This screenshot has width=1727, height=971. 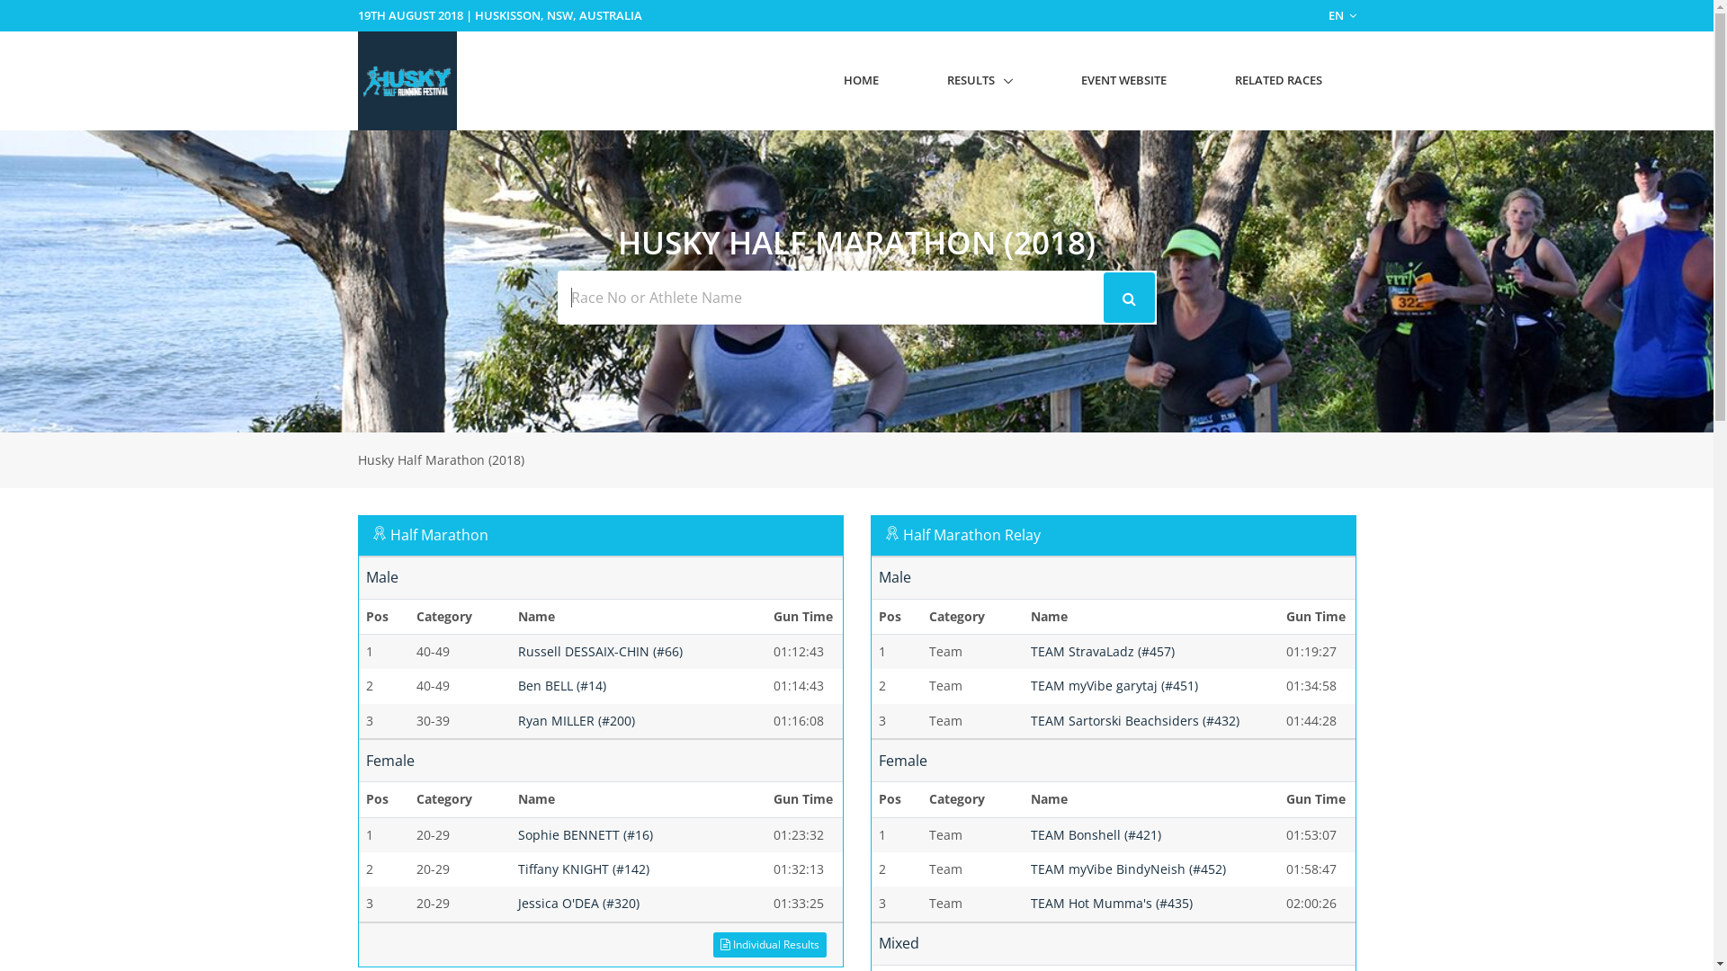 What do you see at coordinates (860, 79) in the screenshot?
I see `'HOME'` at bounding box center [860, 79].